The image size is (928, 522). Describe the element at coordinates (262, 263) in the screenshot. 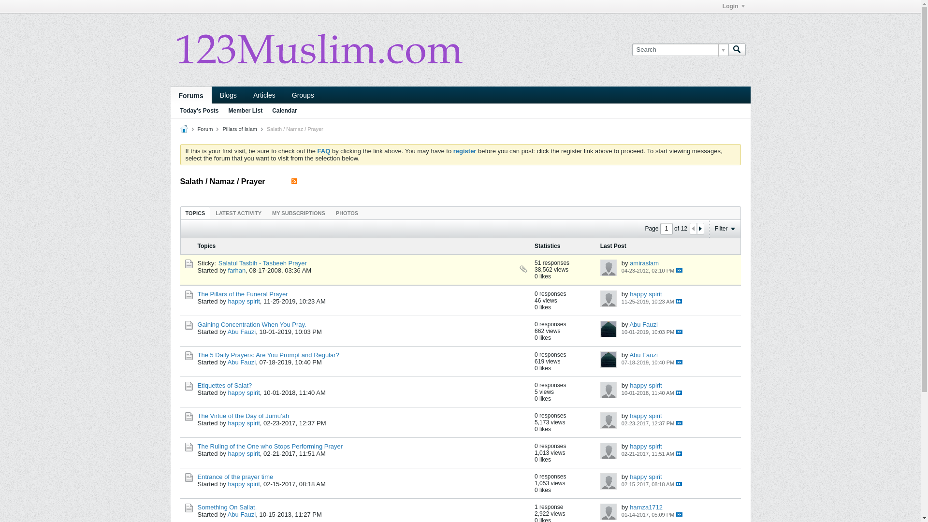

I see `'Salatul Tasbih - Tasbeeh Prayer'` at that location.